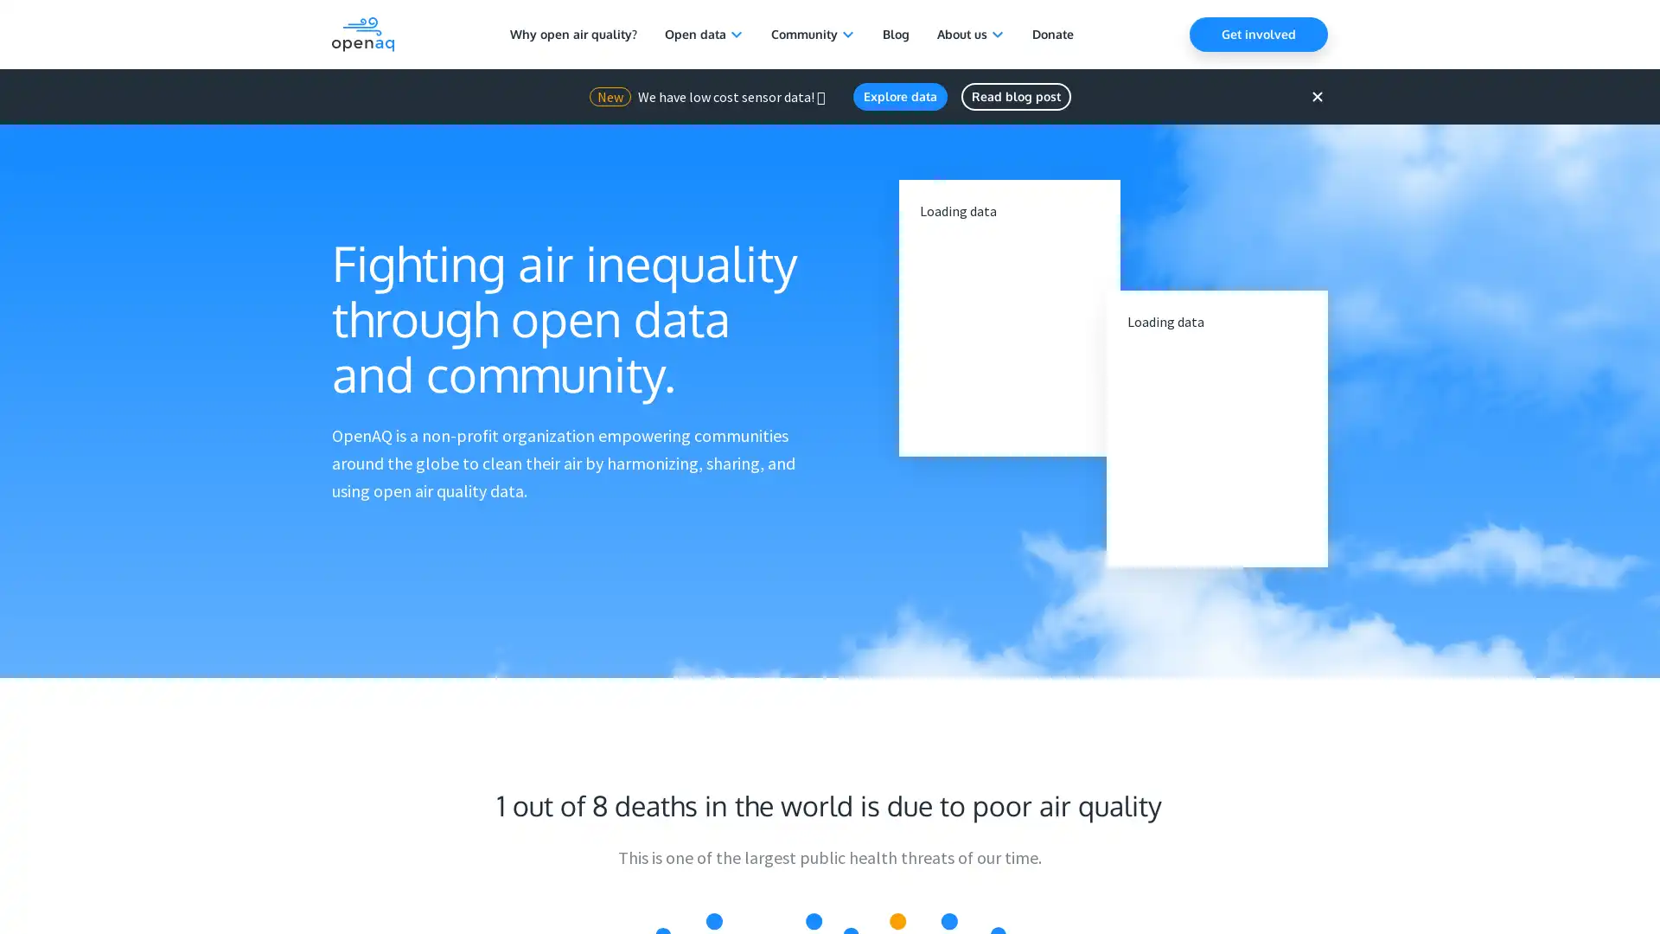  Describe the element at coordinates (1316, 96) in the screenshot. I see `Close` at that location.